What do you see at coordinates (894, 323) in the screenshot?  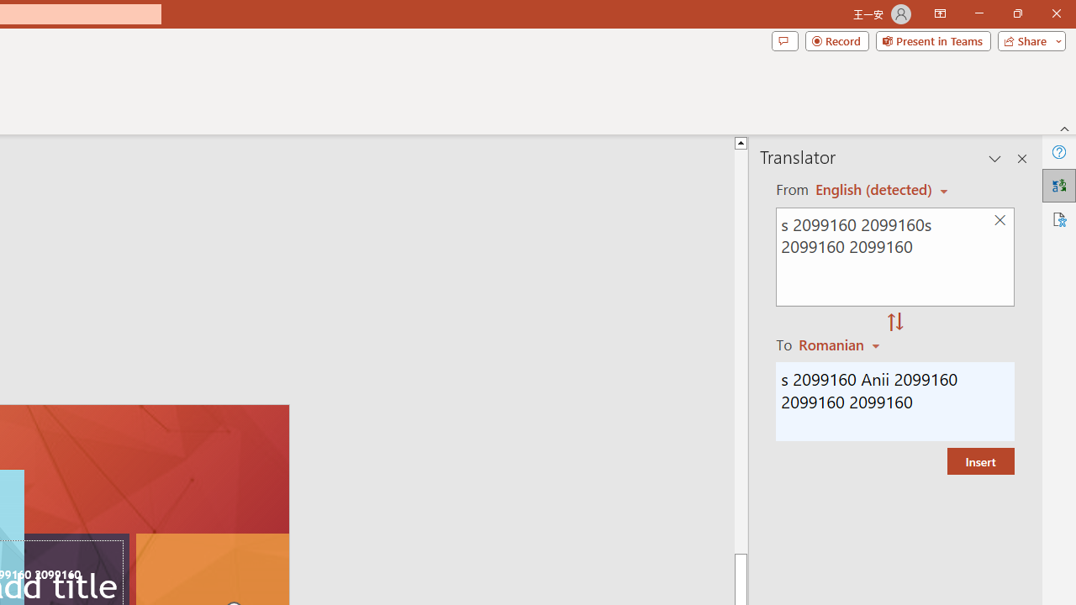 I see `'Swap "from" and "to" languages.'` at bounding box center [894, 323].